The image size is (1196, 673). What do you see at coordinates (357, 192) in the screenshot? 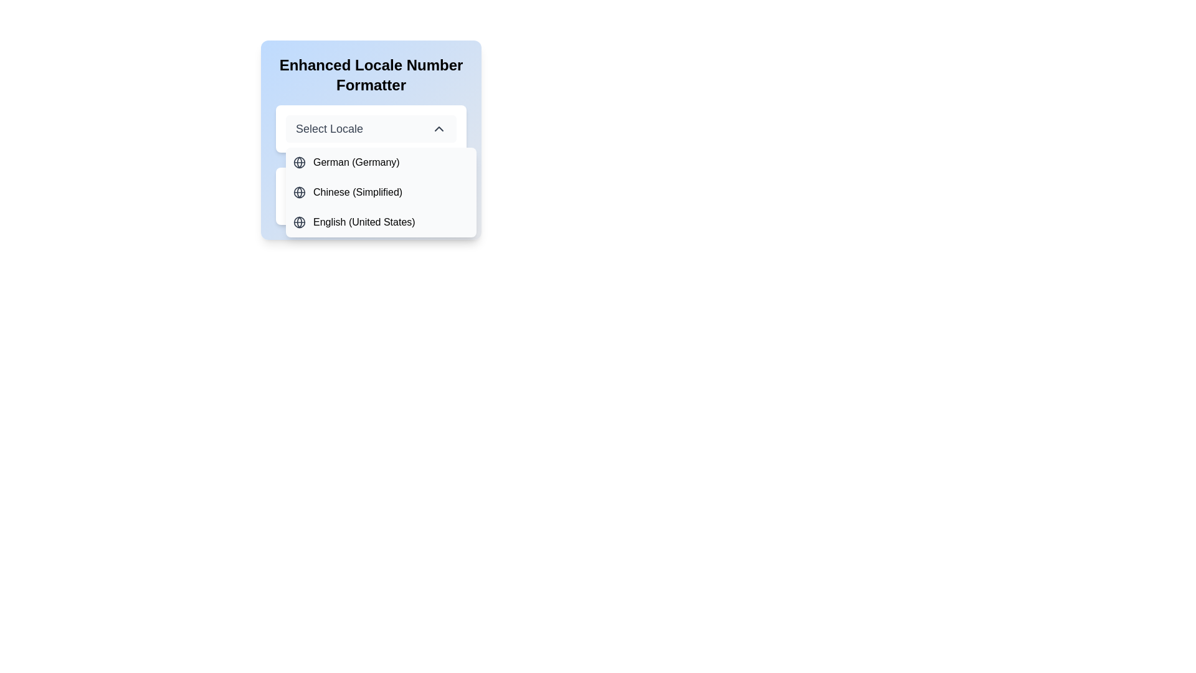
I see `the 'Chinese (Simplified)' text label in the dropdown menu` at bounding box center [357, 192].